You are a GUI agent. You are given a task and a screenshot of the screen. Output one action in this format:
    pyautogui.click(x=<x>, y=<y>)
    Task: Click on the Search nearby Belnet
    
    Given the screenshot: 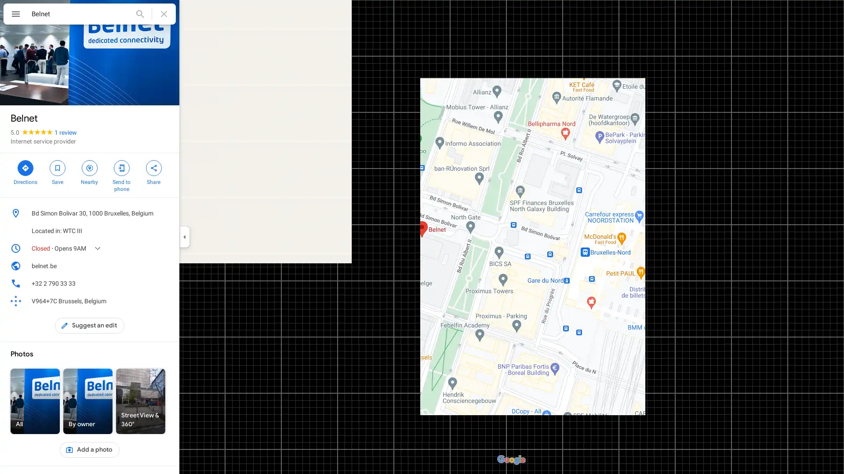 What is the action you would take?
    pyautogui.click(x=89, y=171)
    